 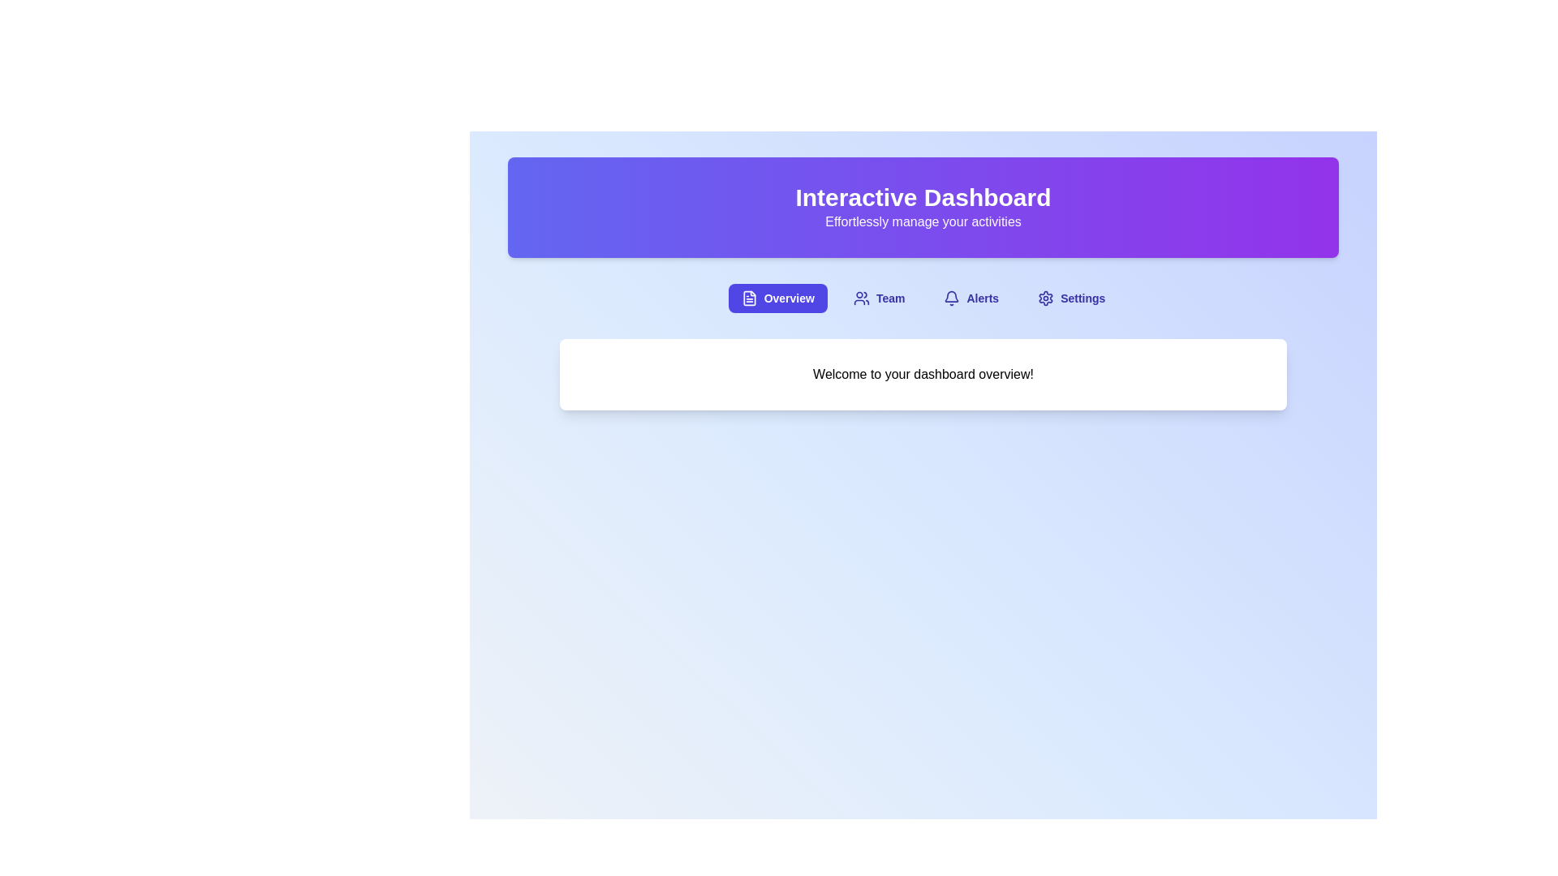 What do you see at coordinates (1082, 298) in the screenshot?
I see `the 'Settings' text label, which is displayed in bold indigo font and positioned to the right of the settings icon in the navigation bar` at bounding box center [1082, 298].